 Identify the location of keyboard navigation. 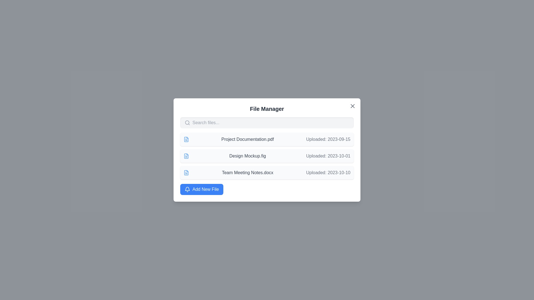
(201, 189).